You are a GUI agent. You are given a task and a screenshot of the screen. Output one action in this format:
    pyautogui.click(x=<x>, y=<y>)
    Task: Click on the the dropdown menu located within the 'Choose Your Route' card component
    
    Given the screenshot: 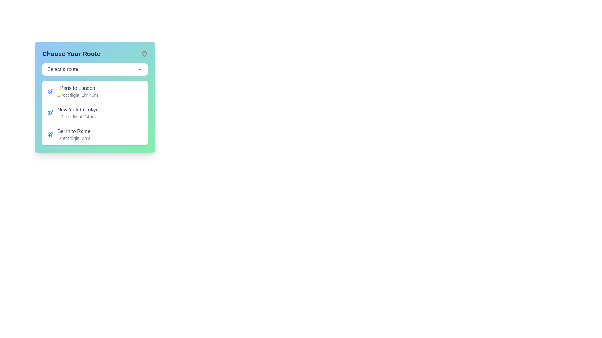 What is the action you would take?
    pyautogui.click(x=94, y=69)
    